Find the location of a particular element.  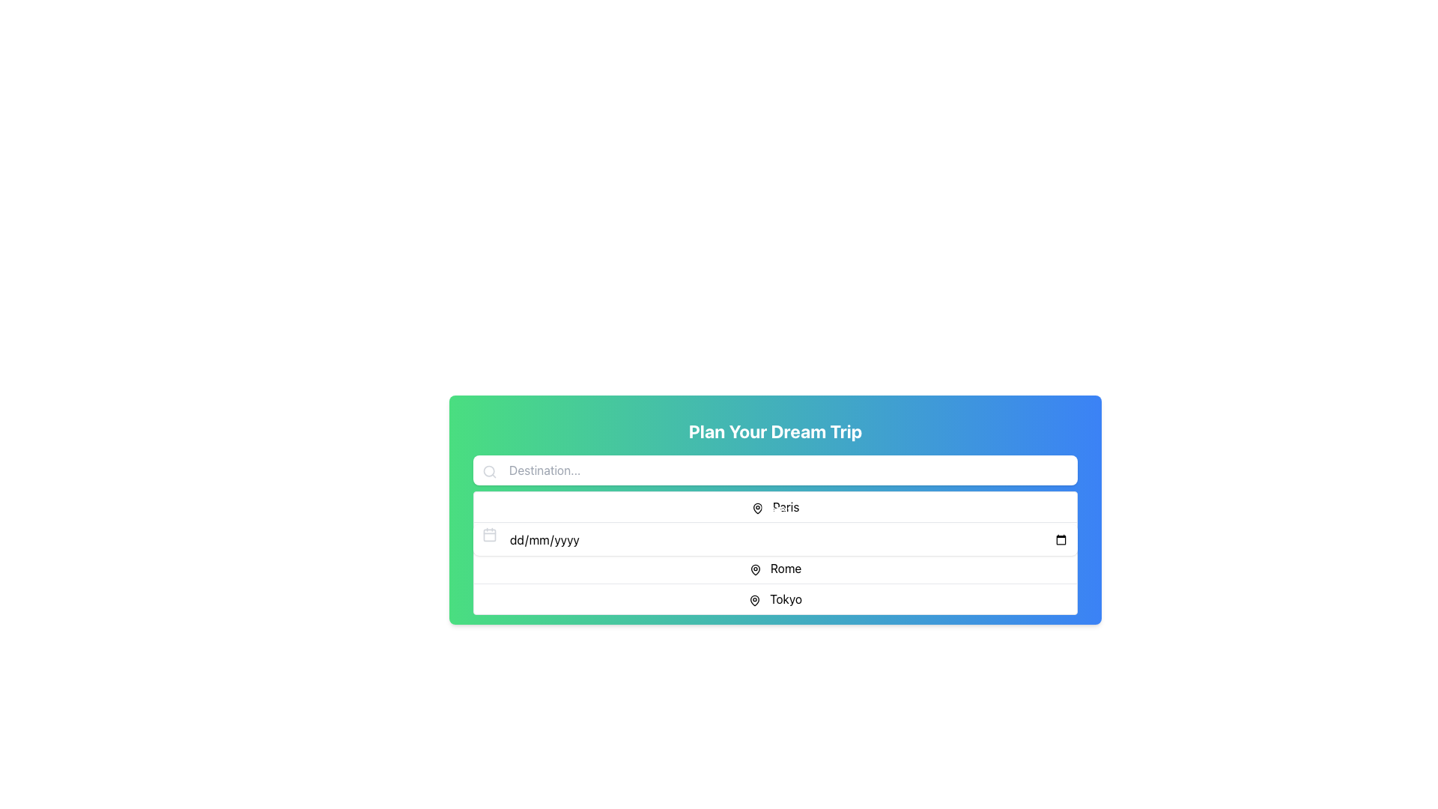

the 'Paris' destination option in the central list, which is the first item below the search bar is located at coordinates (775, 506).